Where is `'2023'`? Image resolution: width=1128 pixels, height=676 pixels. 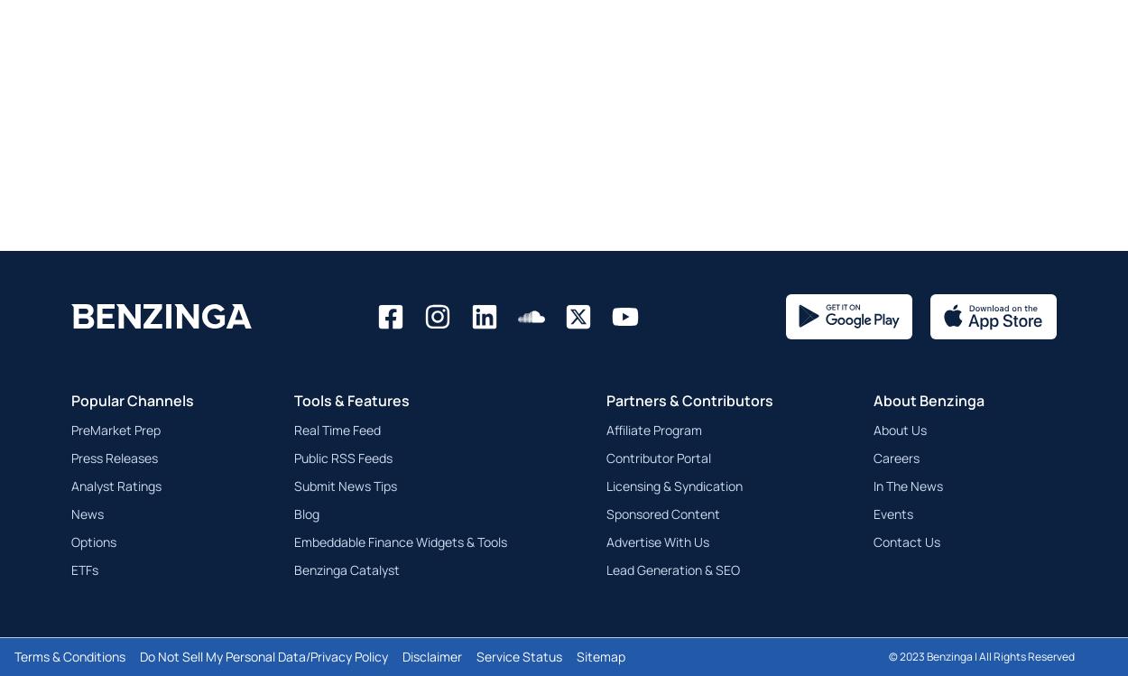 '2023' is located at coordinates (897, 654).